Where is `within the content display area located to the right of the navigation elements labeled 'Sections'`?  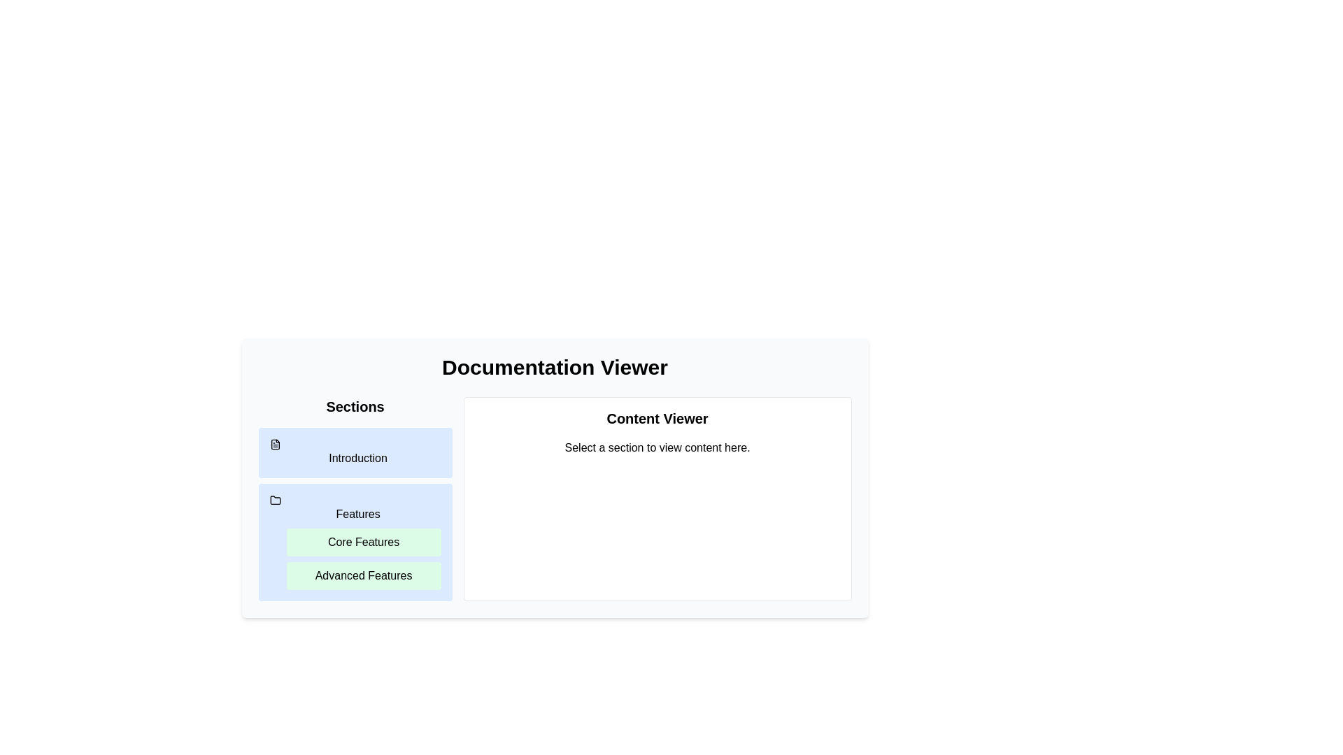
within the content display area located to the right of the navigation elements labeled 'Sections' is located at coordinates (657, 498).